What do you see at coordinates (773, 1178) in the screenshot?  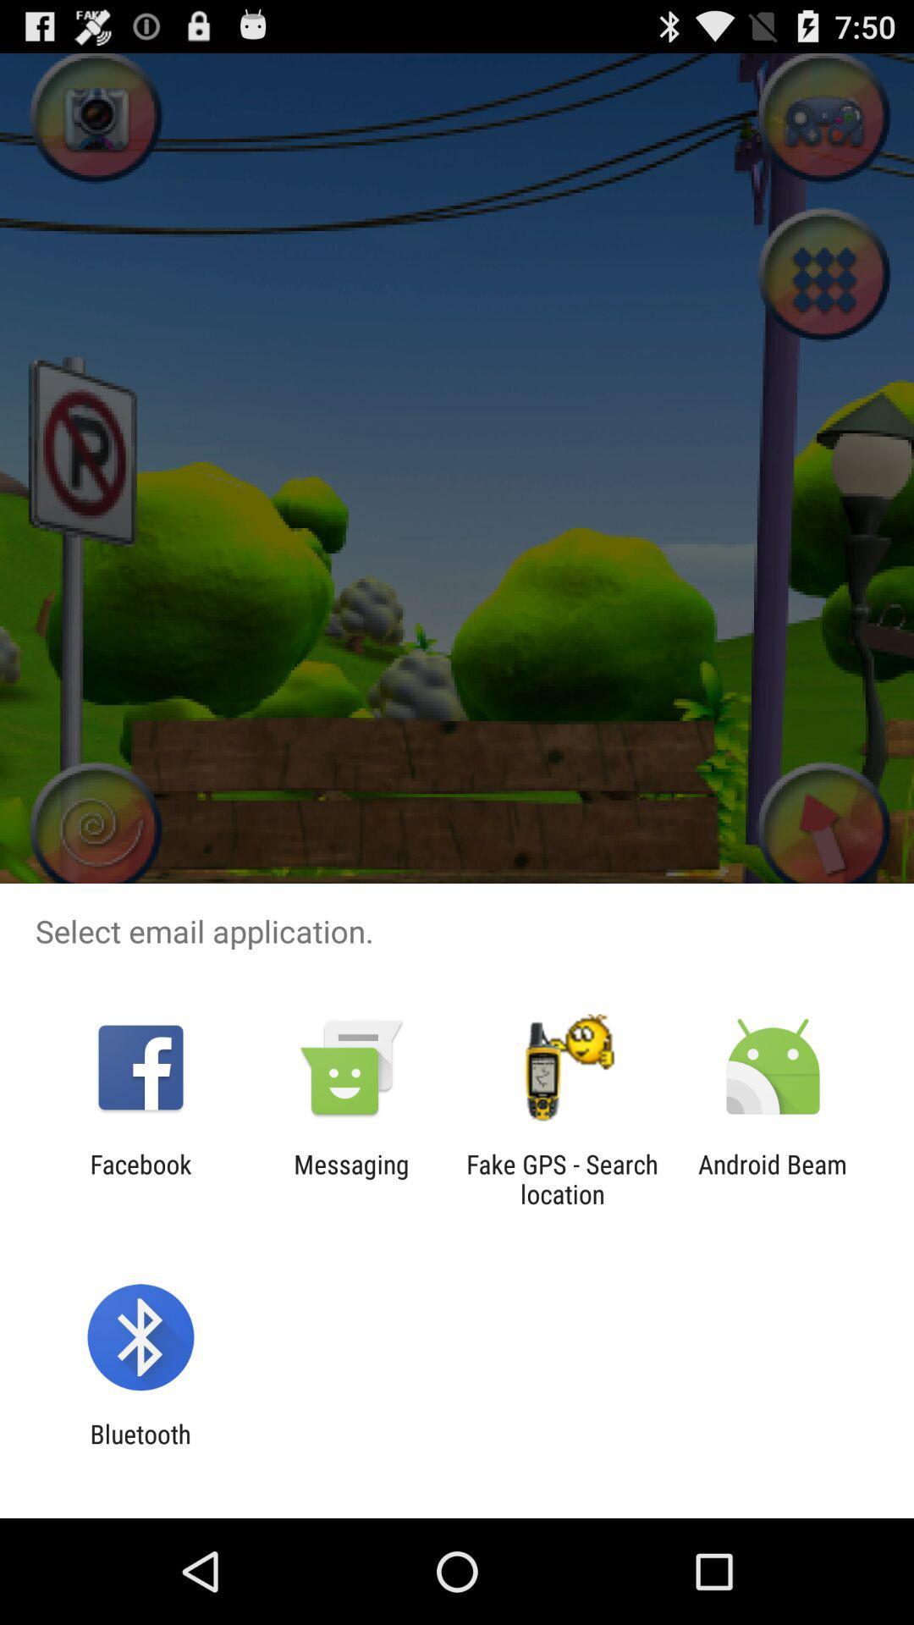 I see `android beam icon` at bounding box center [773, 1178].